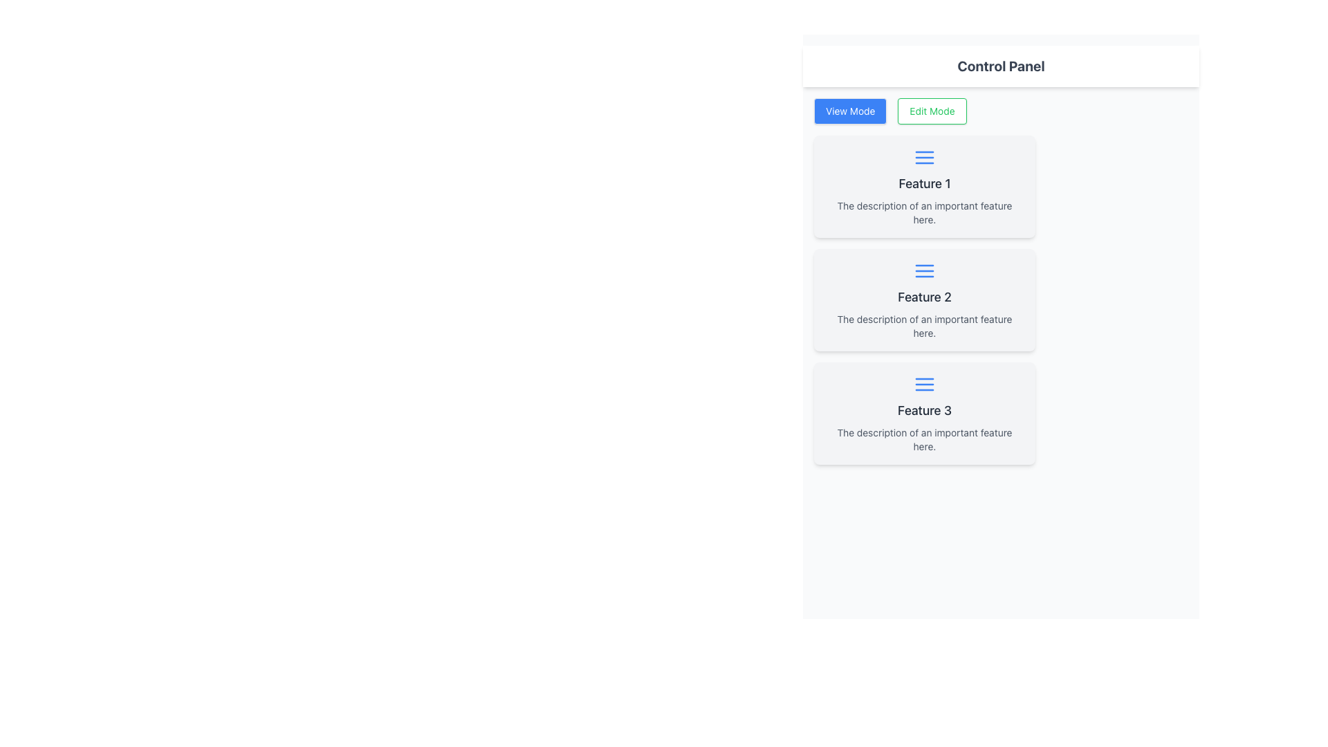  What do you see at coordinates (925, 156) in the screenshot?
I see `the SVG icon representing 'Feature 1' located at the top of the card` at bounding box center [925, 156].